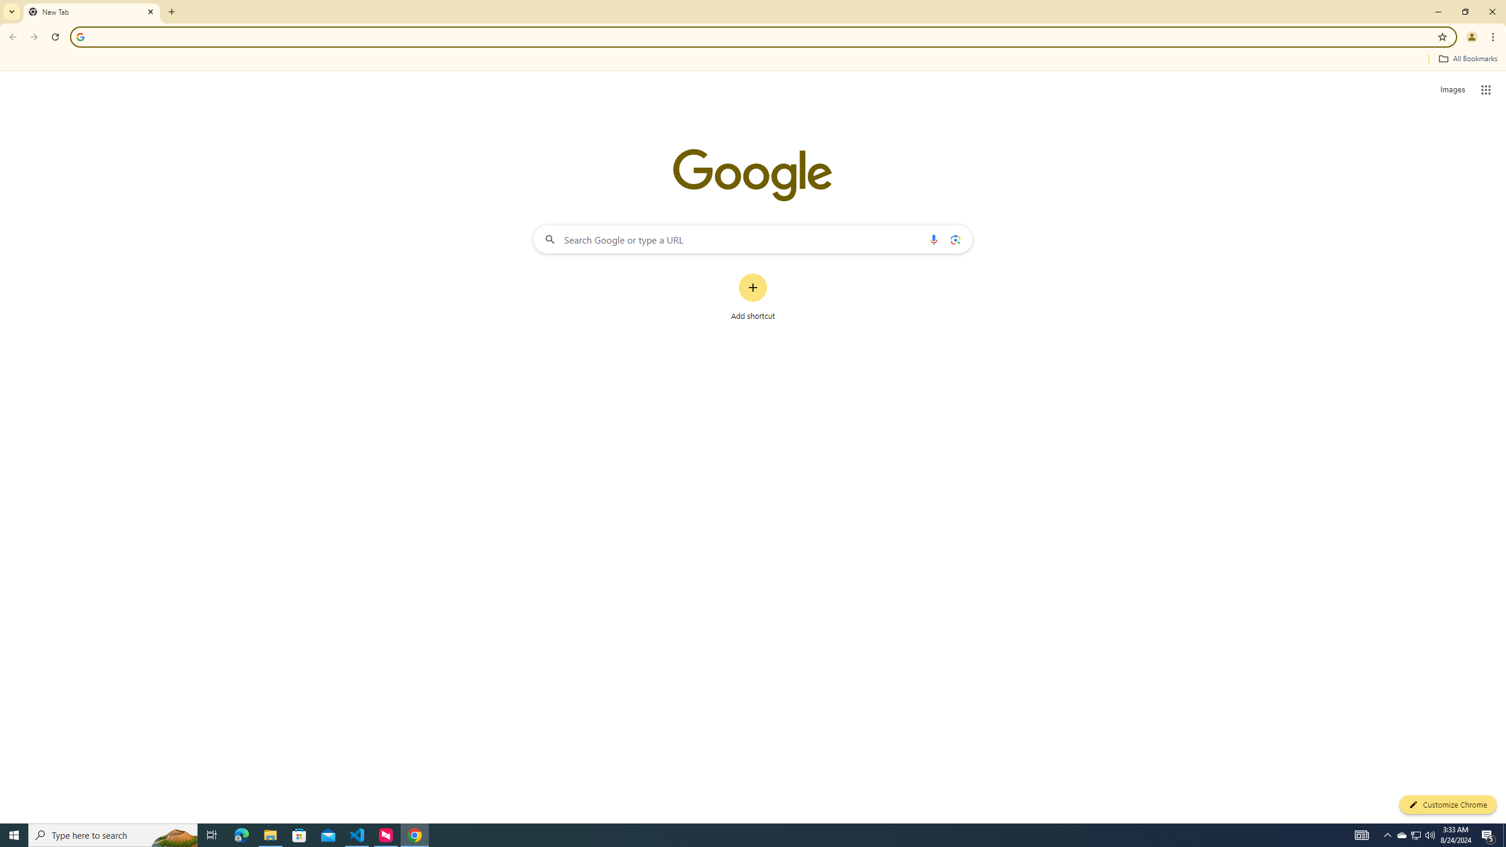 Image resolution: width=1506 pixels, height=847 pixels. I want to click on 'New Tab', so click(91, 11).